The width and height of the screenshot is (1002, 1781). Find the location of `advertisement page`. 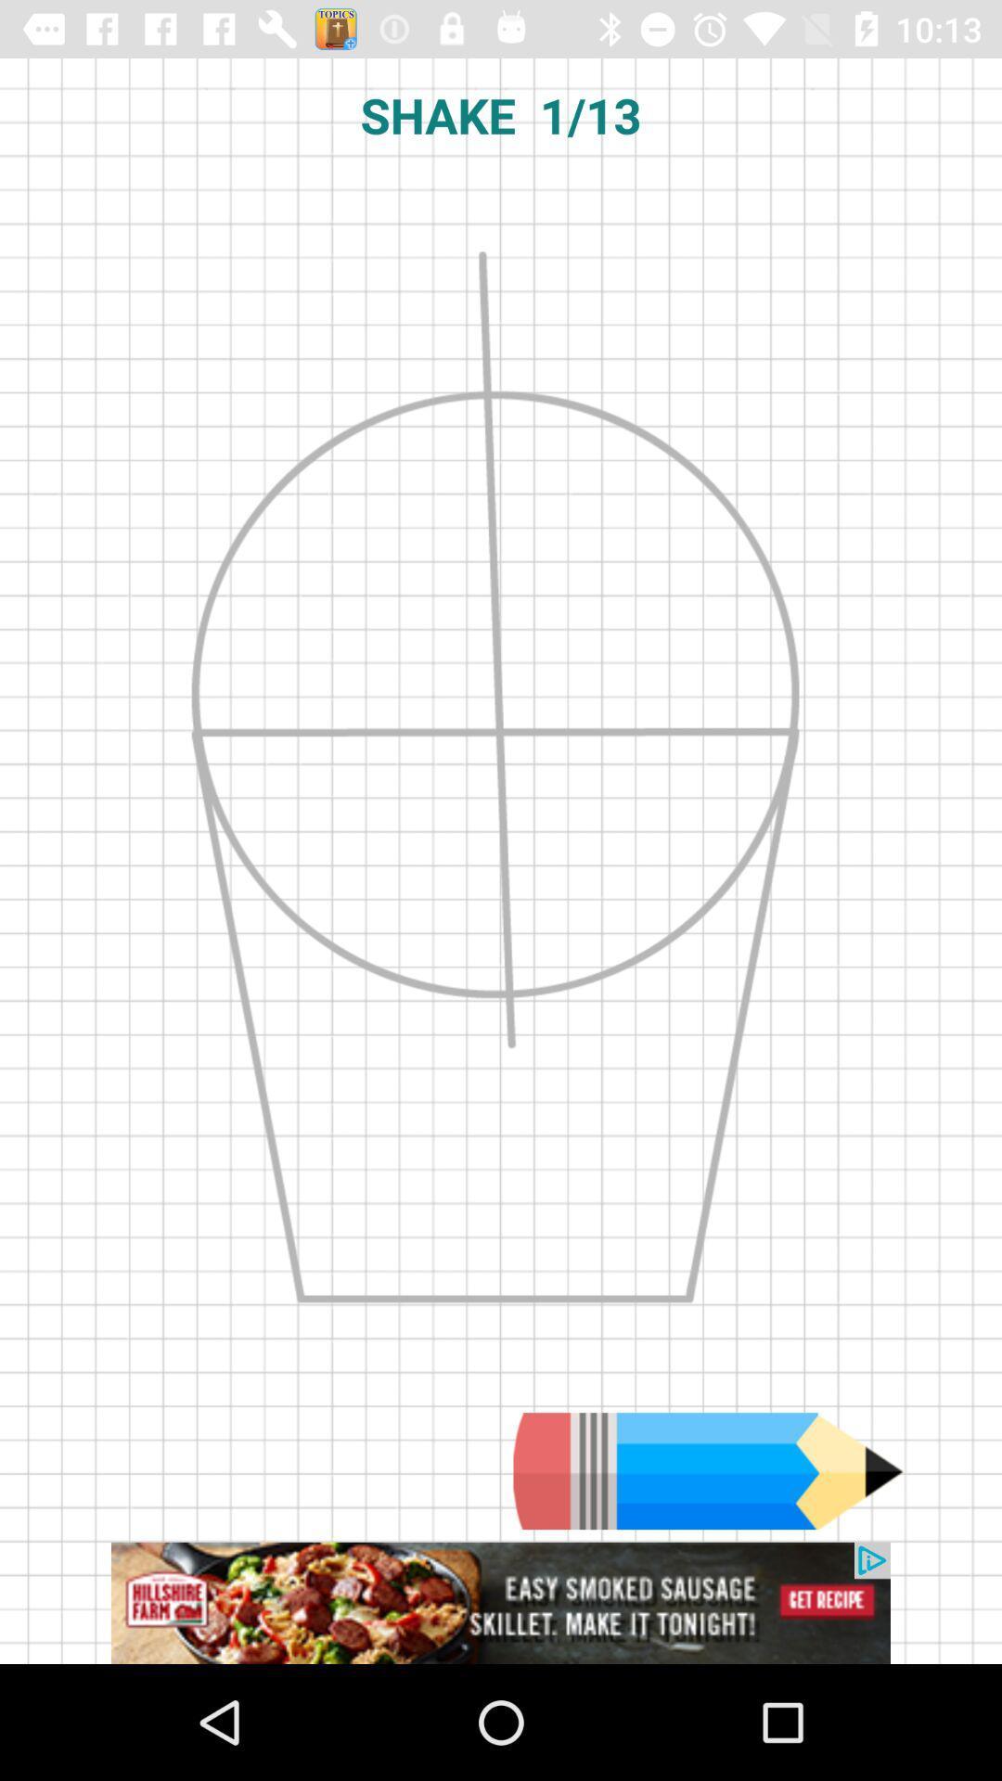

advertisement page is located at coordinates (501, 1602).